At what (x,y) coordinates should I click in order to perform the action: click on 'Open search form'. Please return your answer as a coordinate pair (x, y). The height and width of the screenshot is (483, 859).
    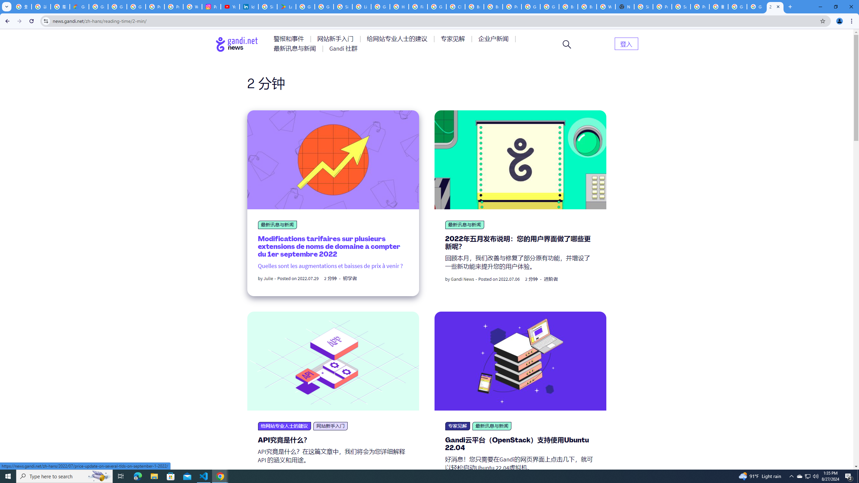
    Looking at the image, I should click on (566, 44).